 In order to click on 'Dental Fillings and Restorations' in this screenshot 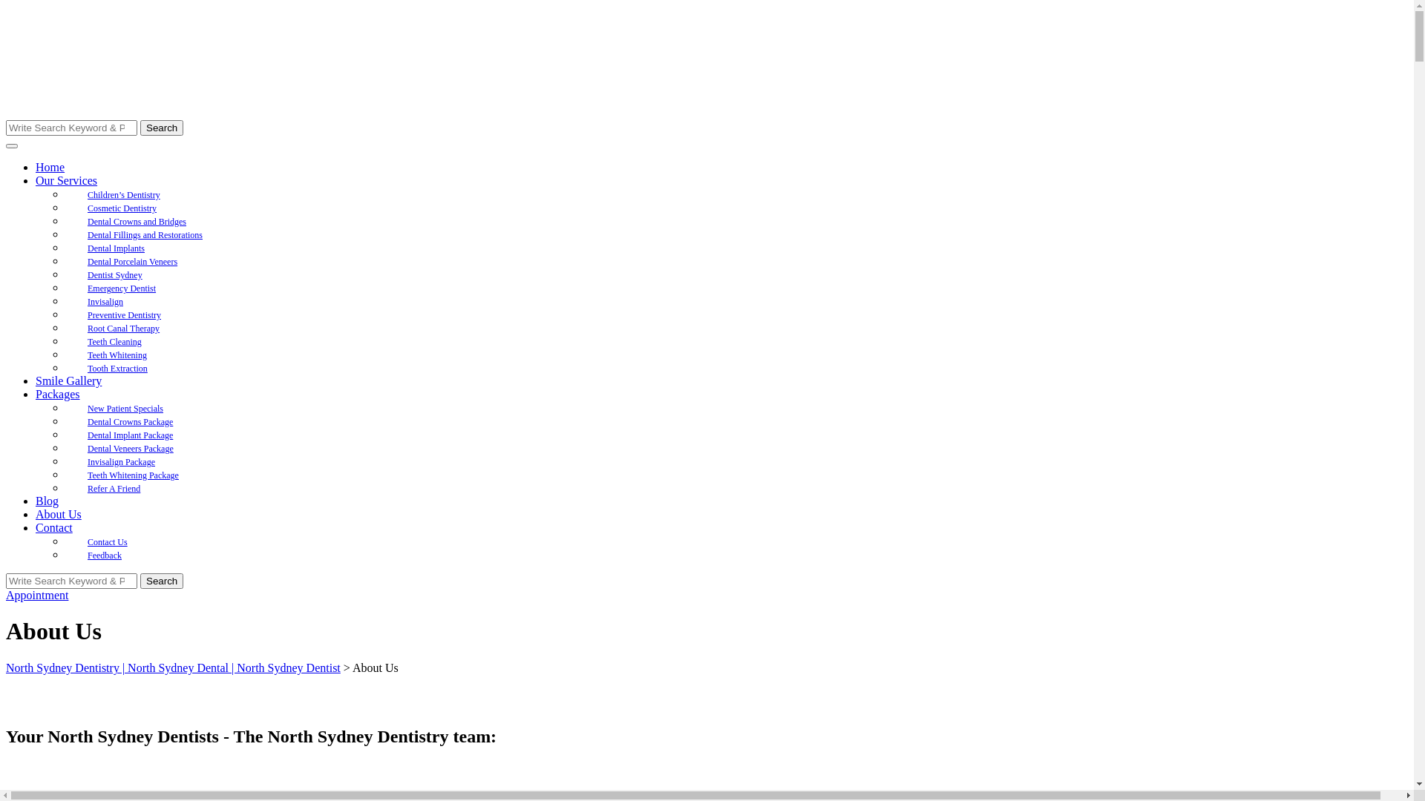, I will do `click(145, 234)`.